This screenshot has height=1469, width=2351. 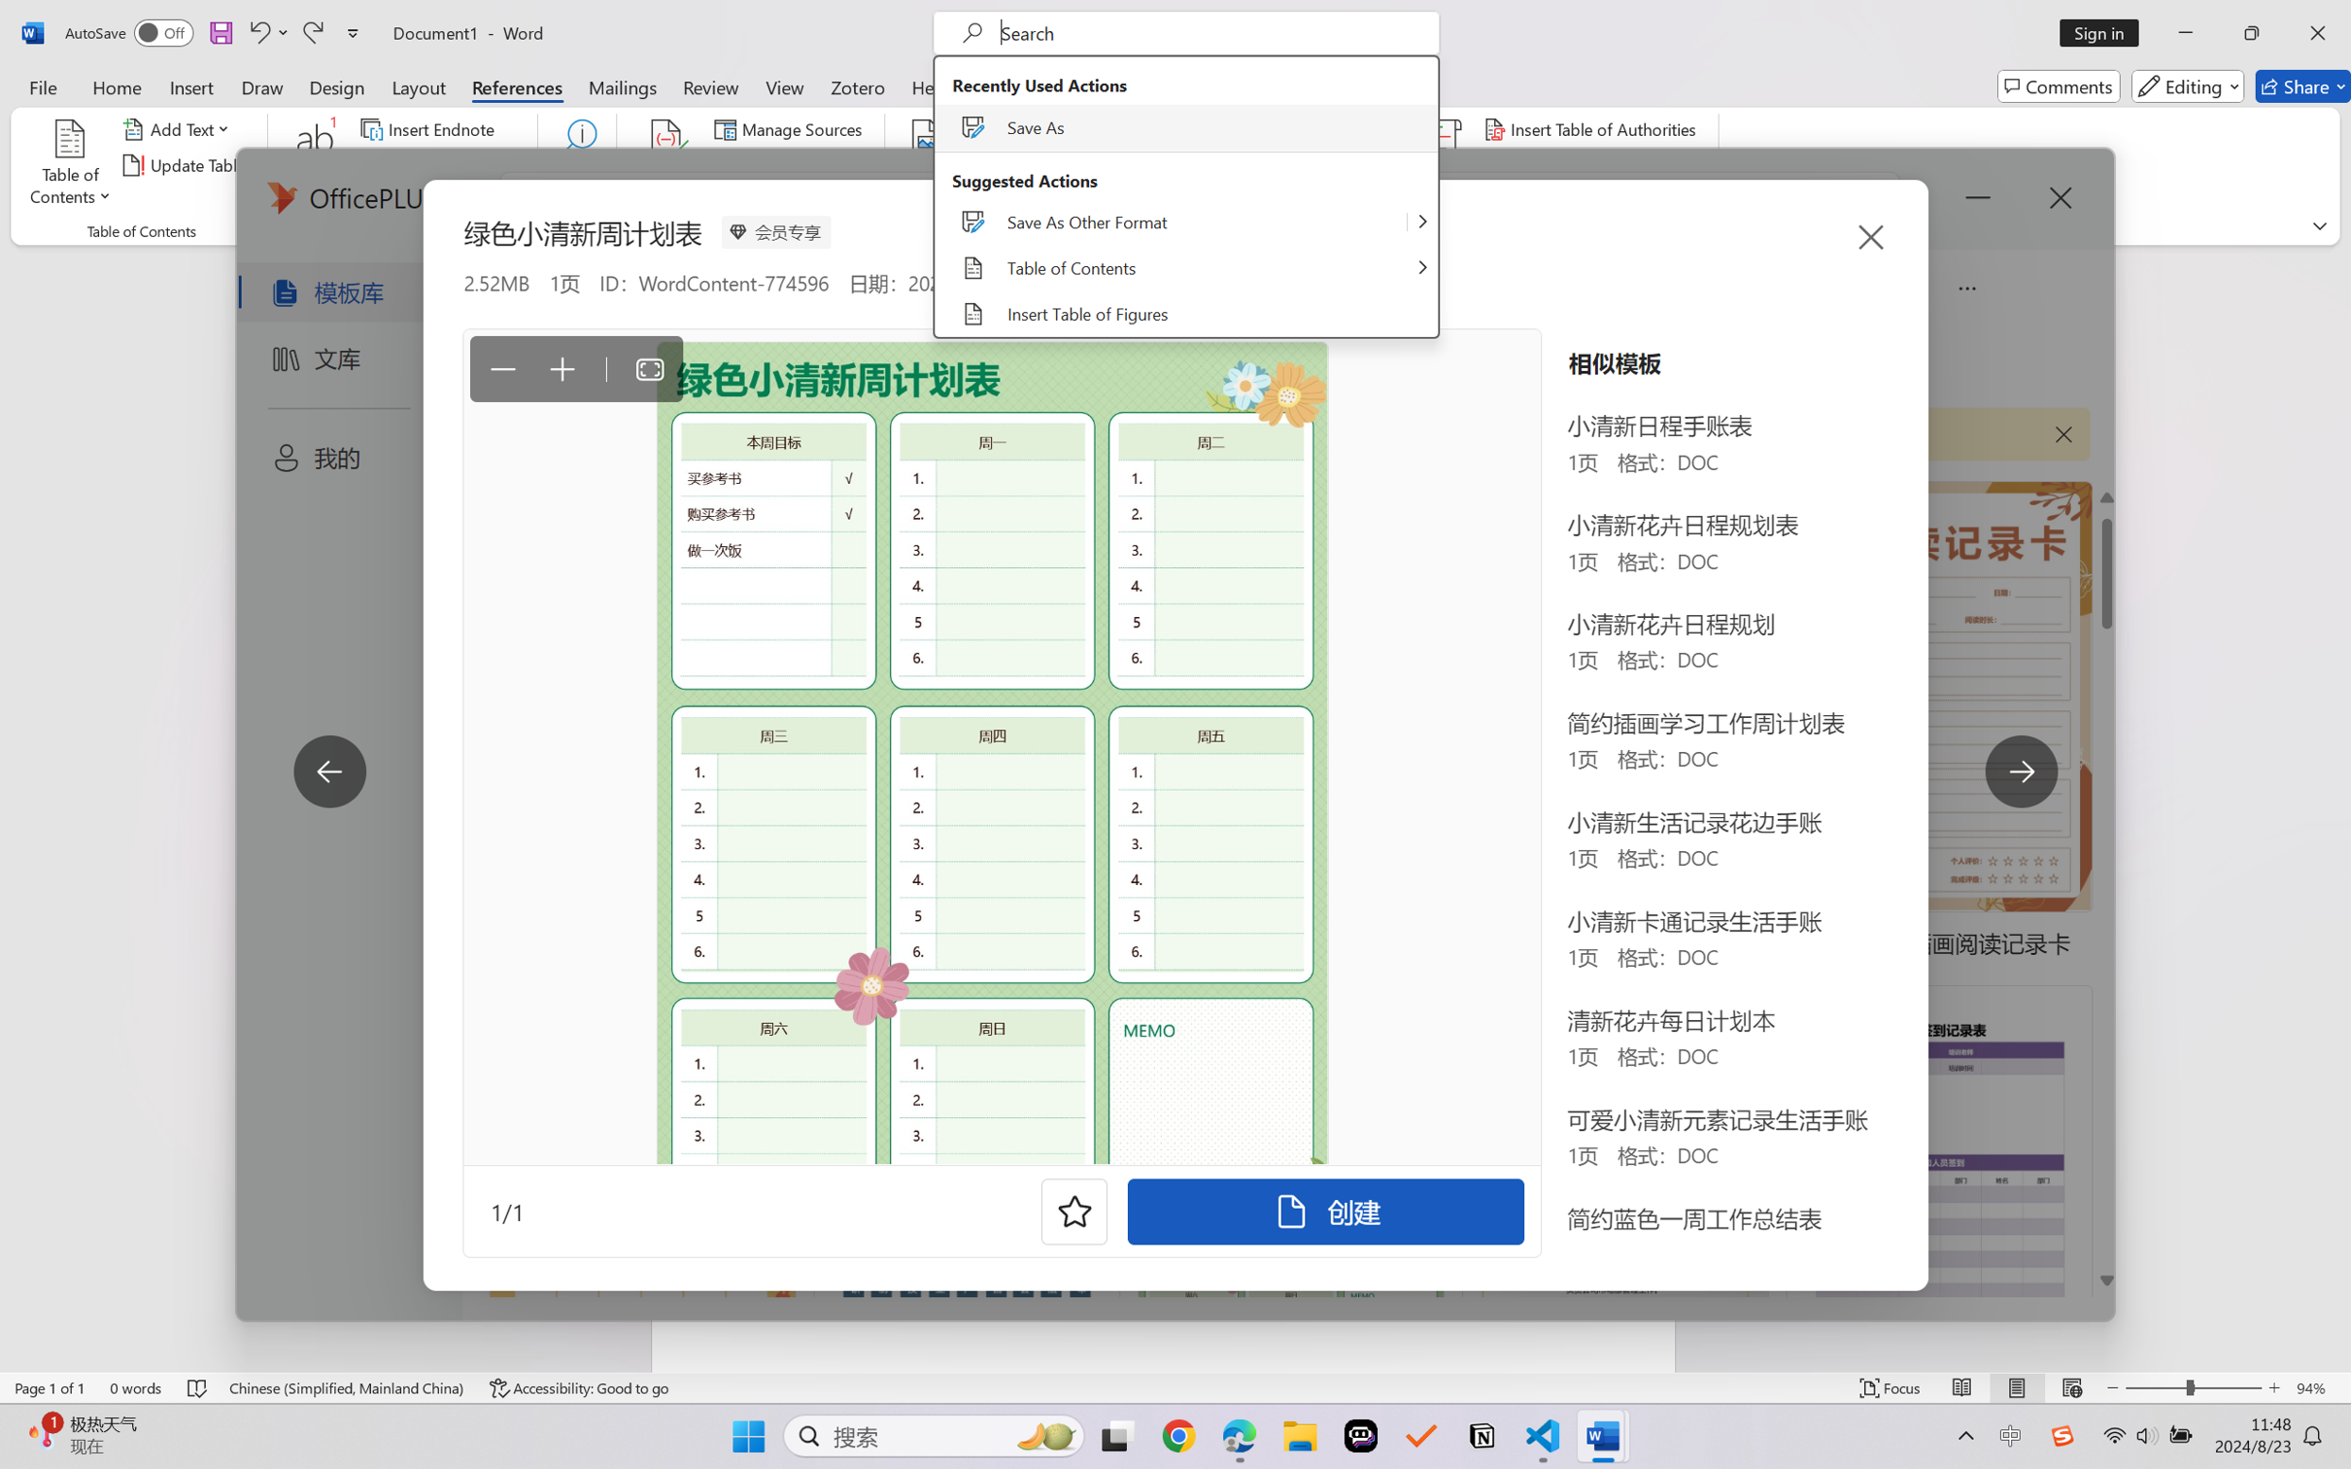 I want to click on 'Undo Apply Quick Style Set', so click(x=257, y=32).